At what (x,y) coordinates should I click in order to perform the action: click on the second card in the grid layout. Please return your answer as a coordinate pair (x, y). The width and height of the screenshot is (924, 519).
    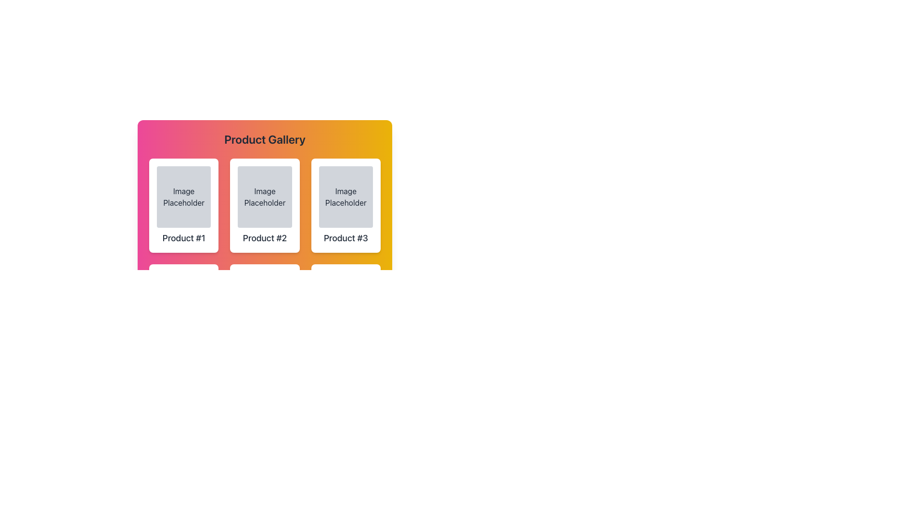
    Looking at the image, I should click on (265, 205).